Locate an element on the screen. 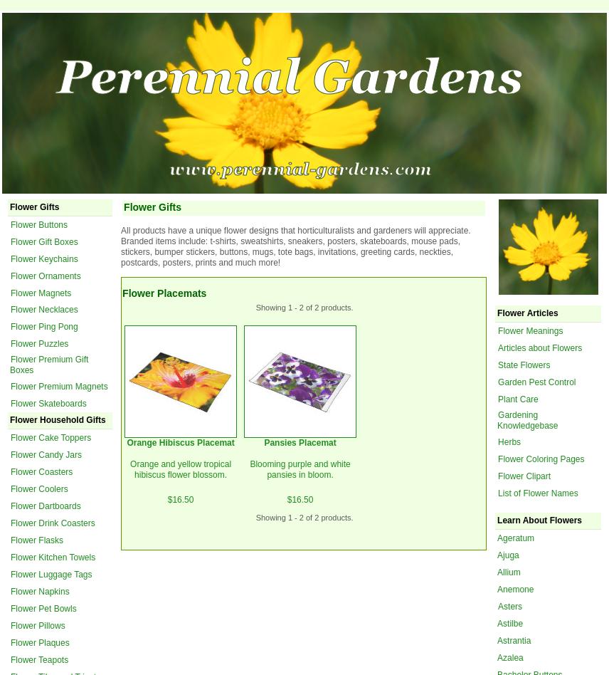 The image size is (609, 675). 'Flower Household Gifts' is located at coordinates (57, 420).